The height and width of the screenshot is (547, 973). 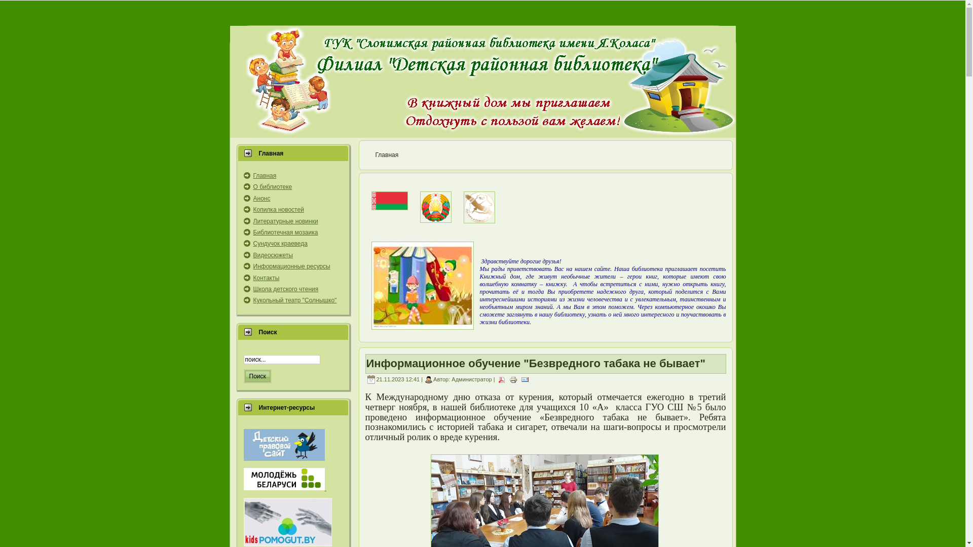 I want to click on ' ', so click(x=284, y=488).